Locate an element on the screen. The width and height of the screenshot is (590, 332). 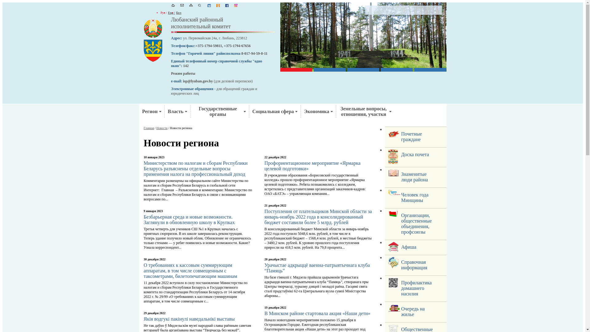
'instagram' is located at coordinates (234, 6).